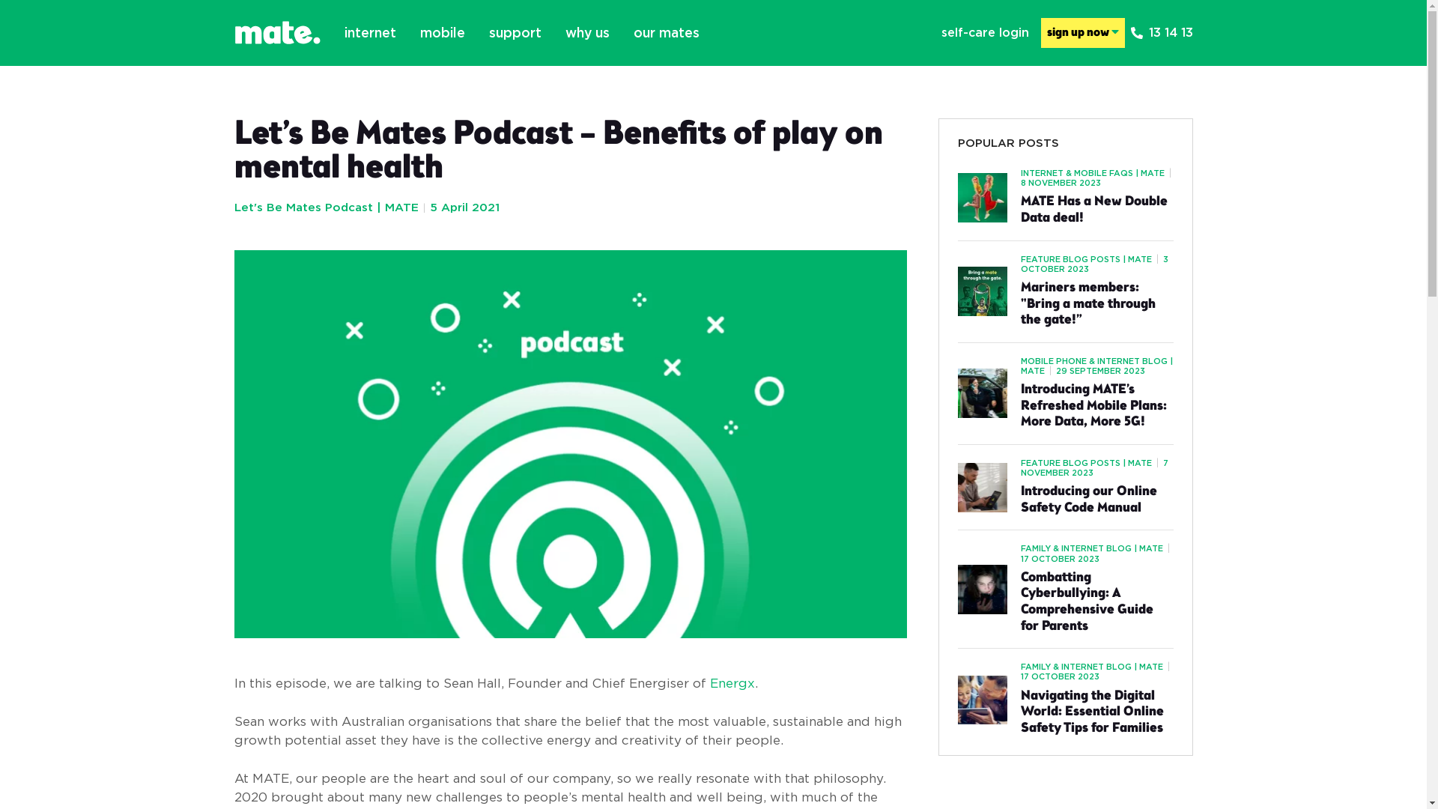  Describe the element at coordinates (586, 32) in the screenshot. I see `'why us'` at that location.